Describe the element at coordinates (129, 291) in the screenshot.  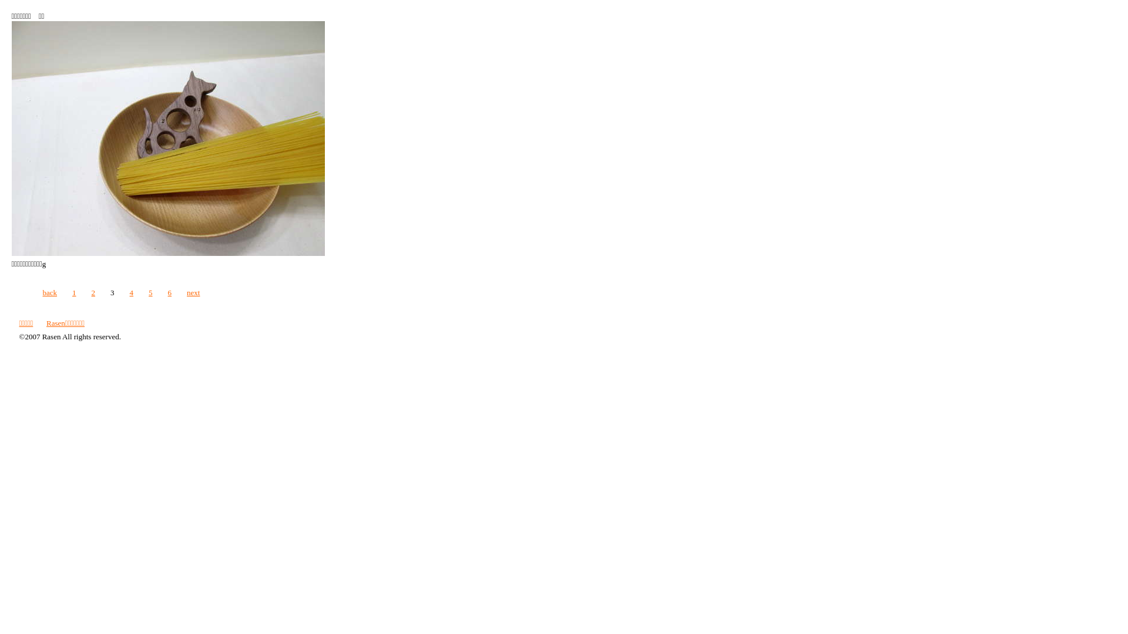
I see `'4'` at that location.